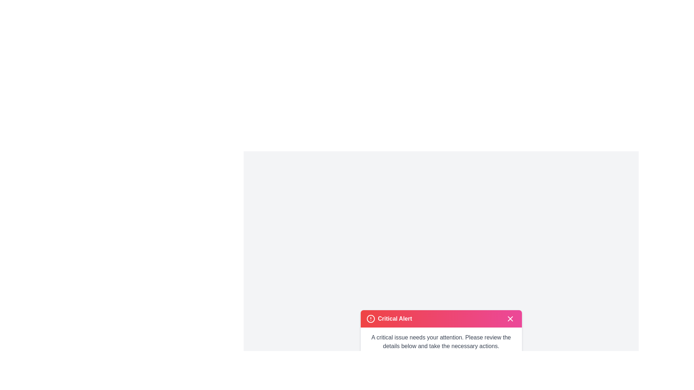  Describe the element at coordinates (441, 341) in the screenshot. I see `static text content that states: 'A critical issue needs your attention. Please review the details below and take the necessary actions.' This text is located within a notification card below the 'Critical Alert' title` at that location.